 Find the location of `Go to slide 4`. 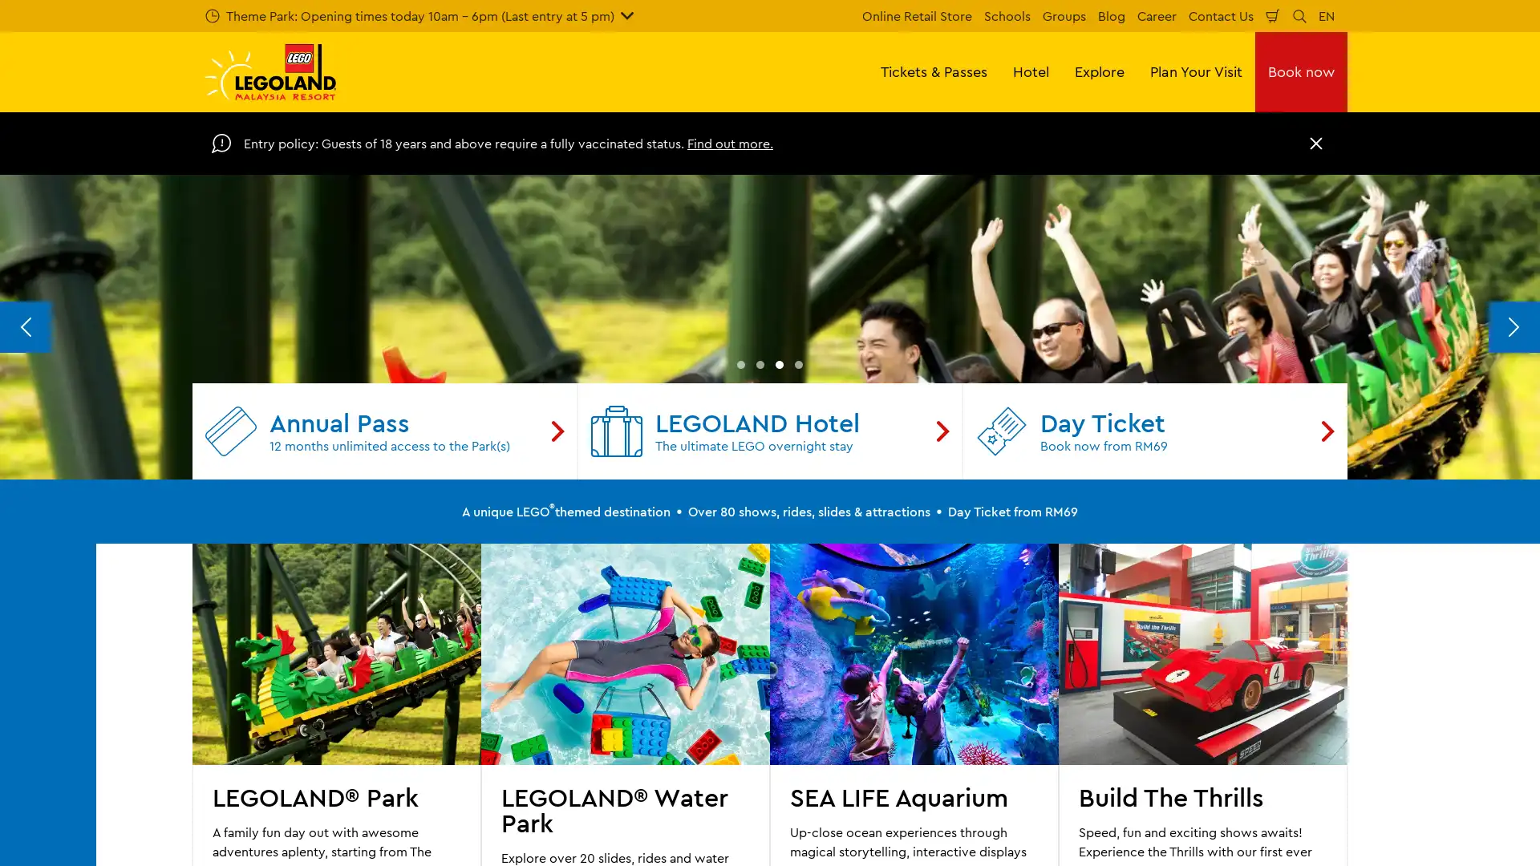

Go to slide 4 is located at coordinates (799, 683).